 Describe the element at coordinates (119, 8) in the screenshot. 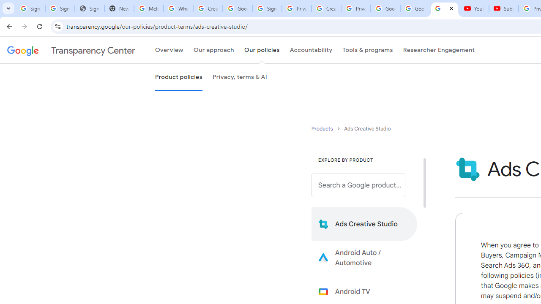

I see `'New Tab'` at that location.